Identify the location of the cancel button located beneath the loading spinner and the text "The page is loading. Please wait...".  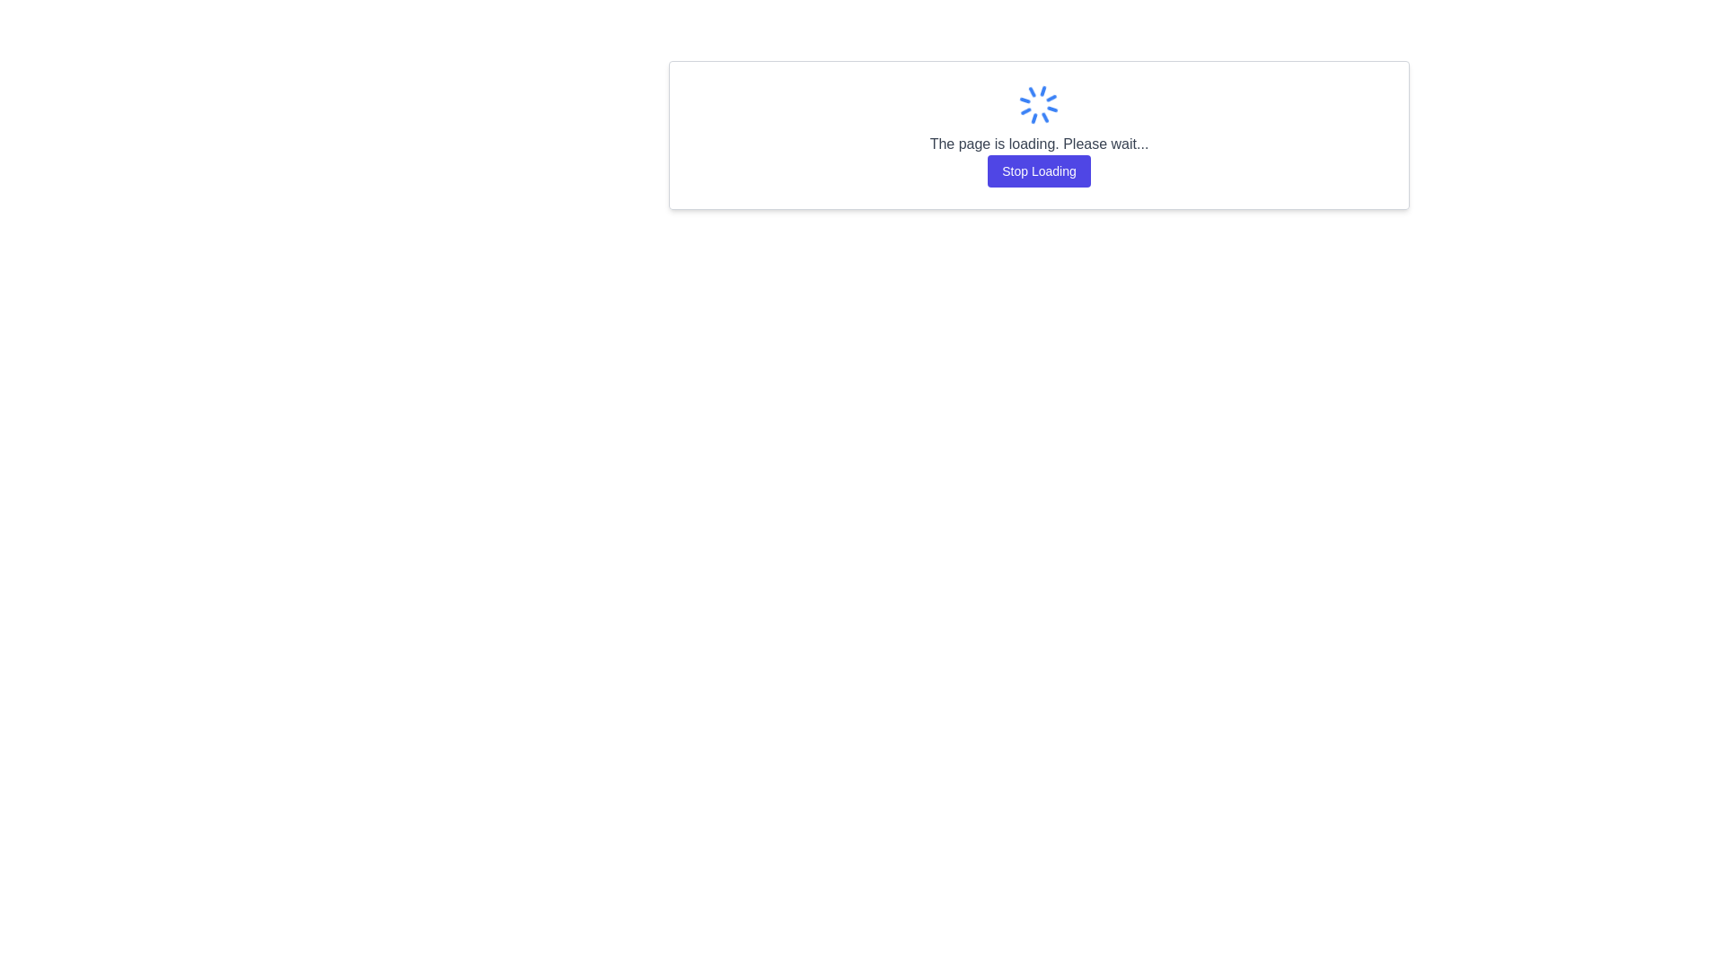
(1039, 171).